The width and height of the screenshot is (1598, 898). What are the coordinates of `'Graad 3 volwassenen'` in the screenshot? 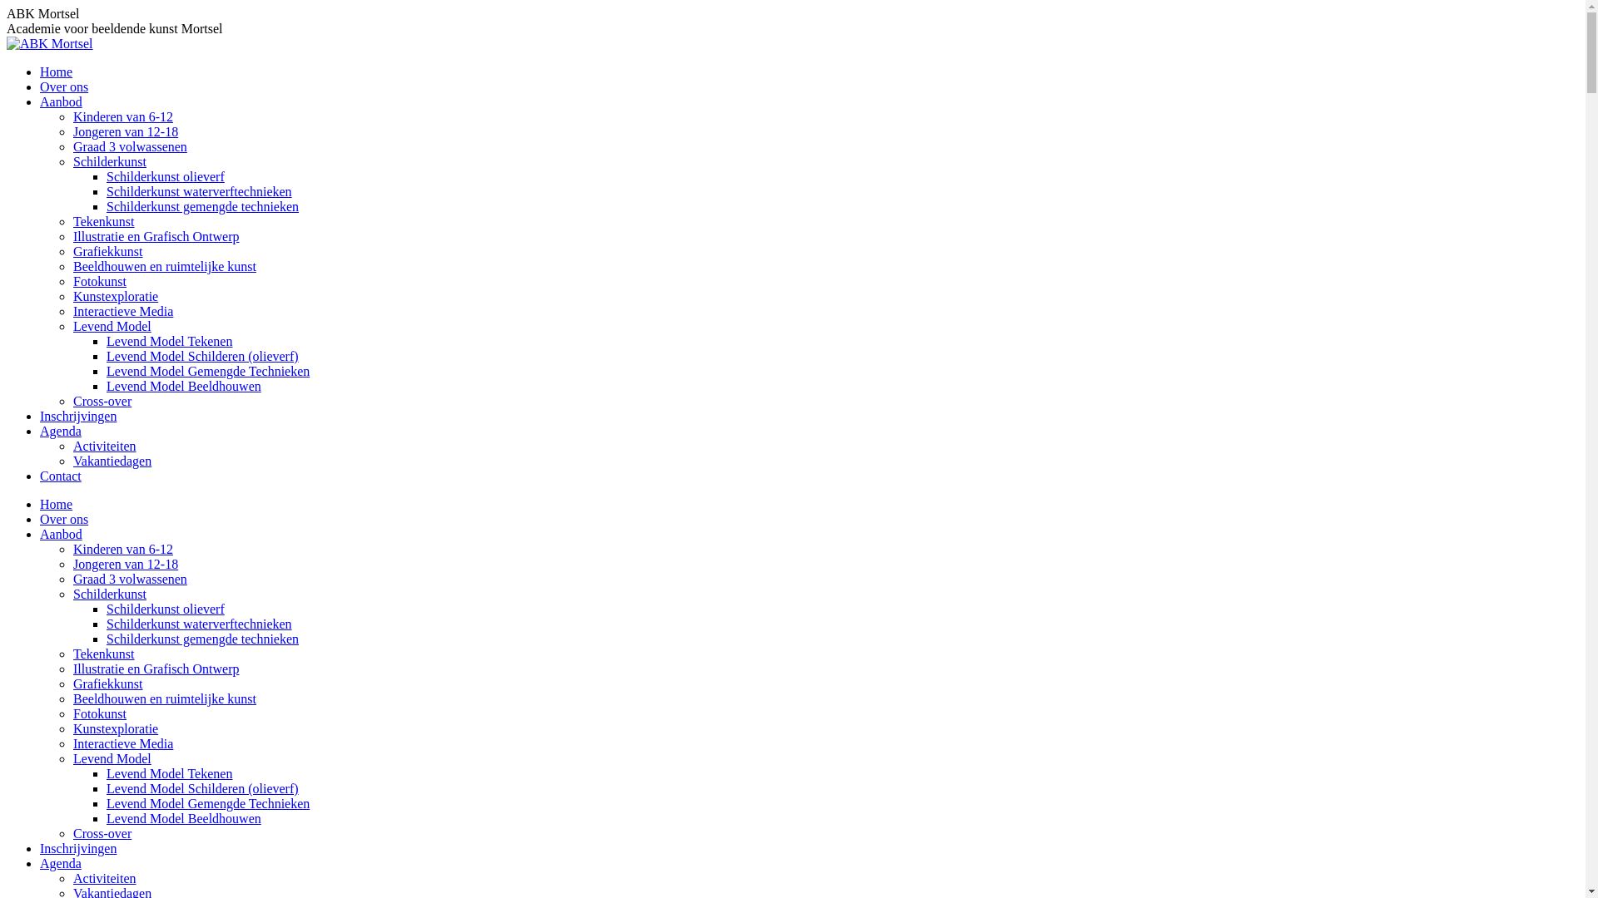 It's located at (129, 146).